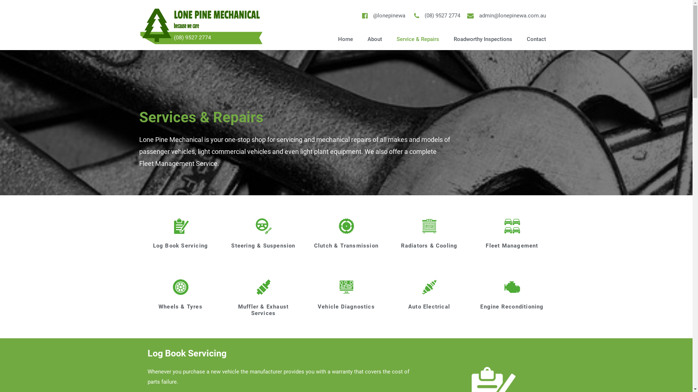  I want to click on 'Service & Repairs', so click(418, 39).